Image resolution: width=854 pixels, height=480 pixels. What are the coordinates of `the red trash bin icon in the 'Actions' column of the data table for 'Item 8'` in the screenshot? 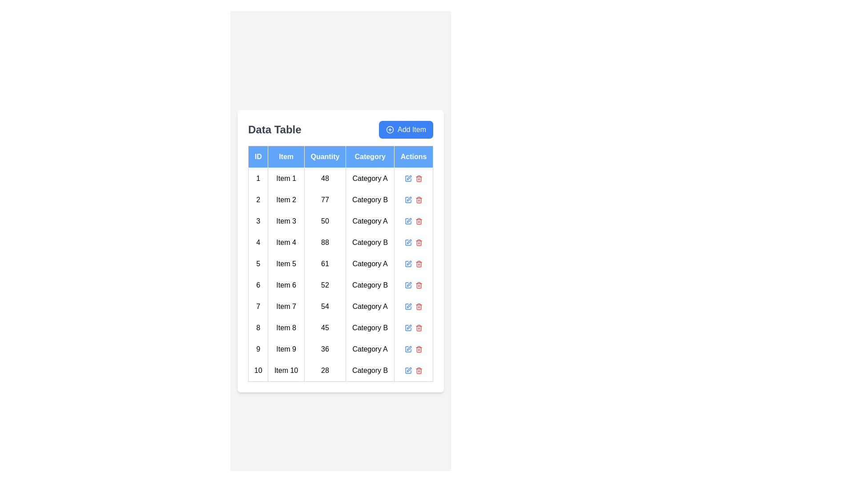 It's located at (419, 328).